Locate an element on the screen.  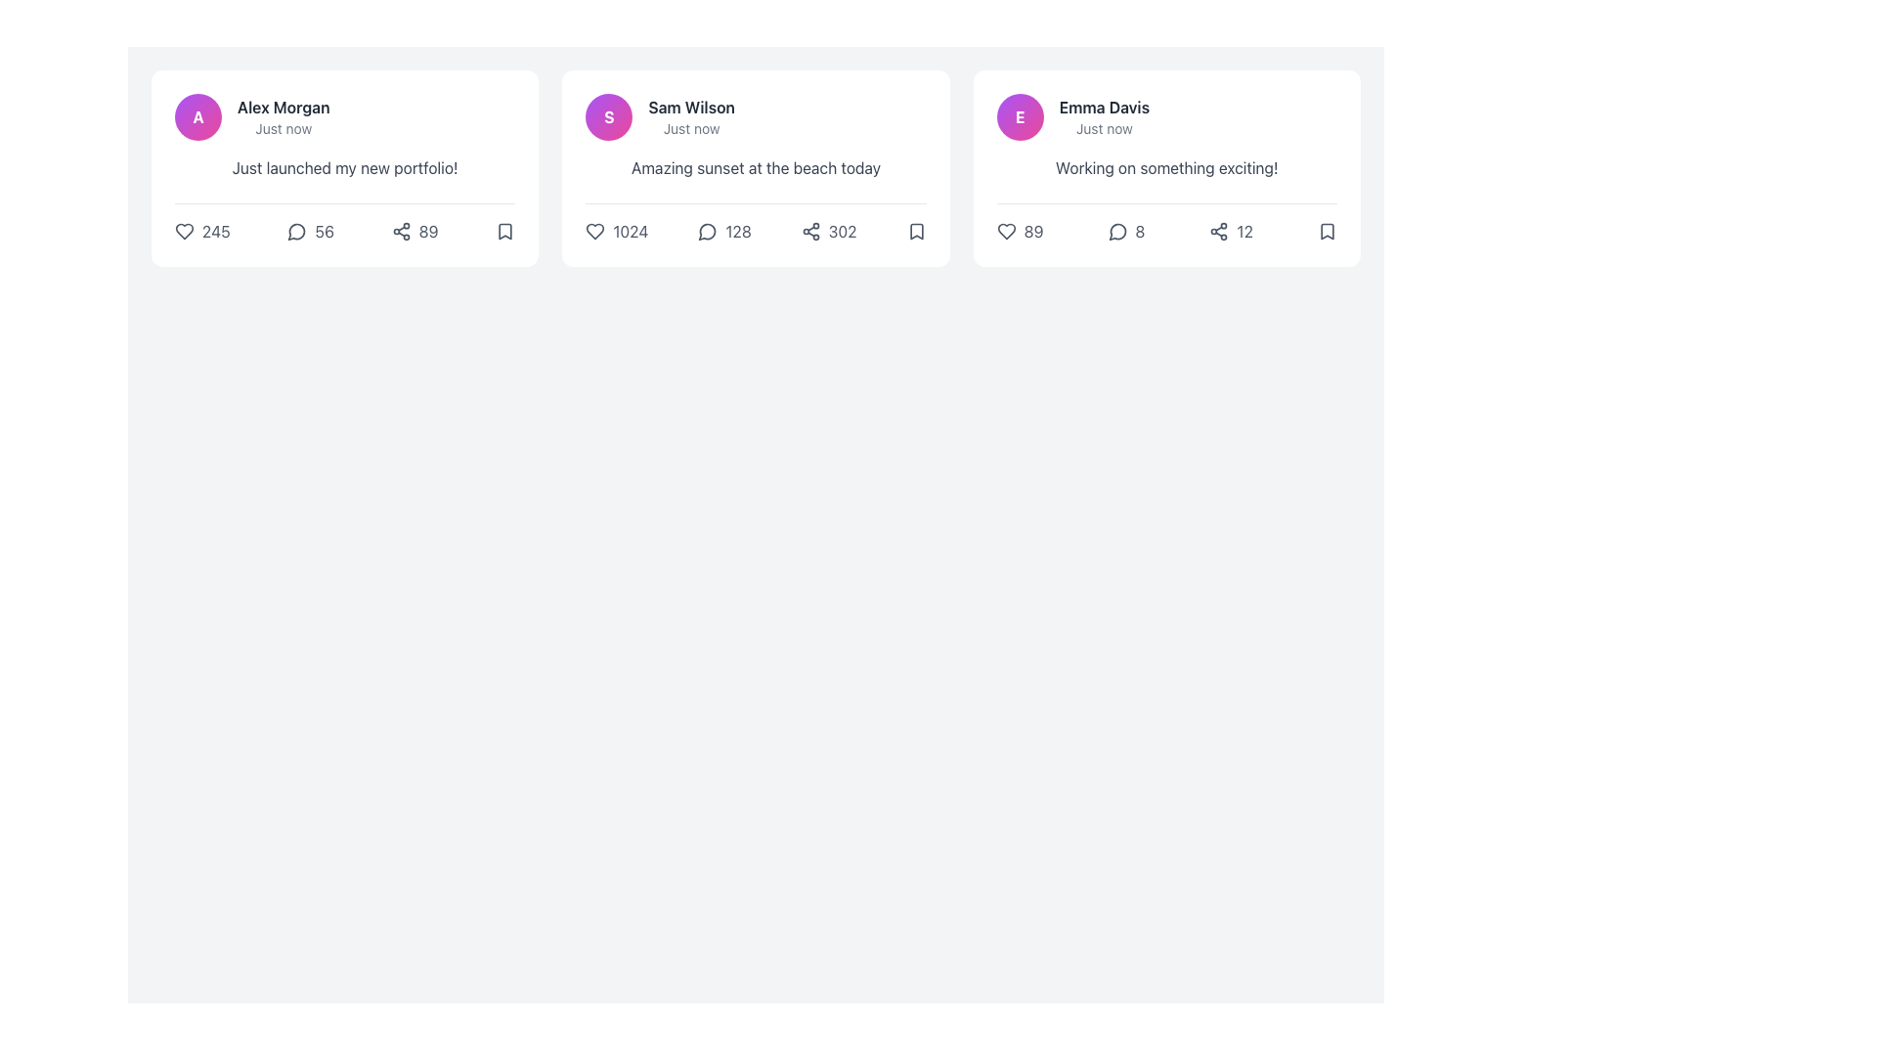
the Avatar Icon located at the top-left corner of Sam Wilson's post card to use it as a user identifier is located at coordinates (608, 116).